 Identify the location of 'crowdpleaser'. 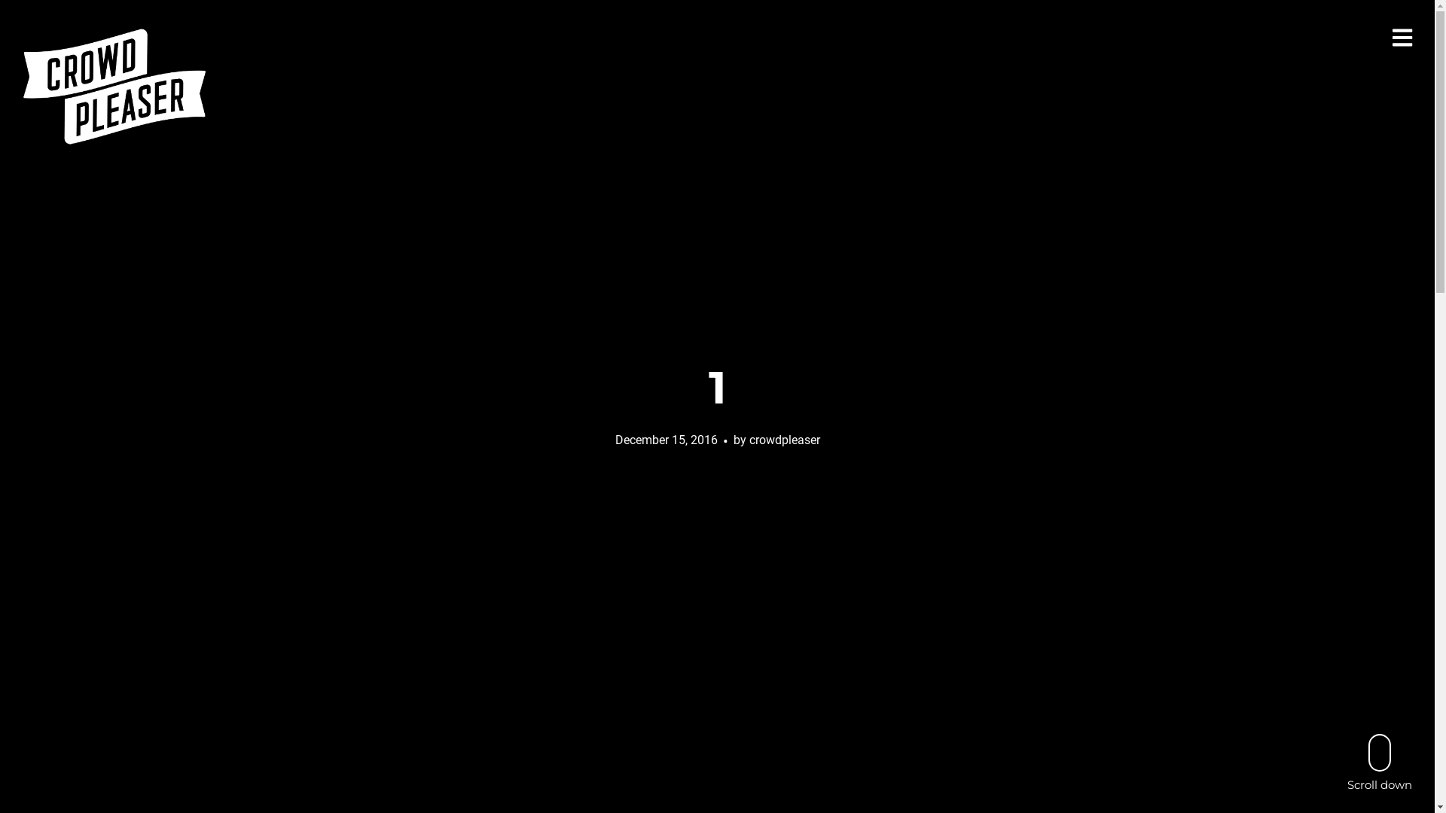
(783, 439).